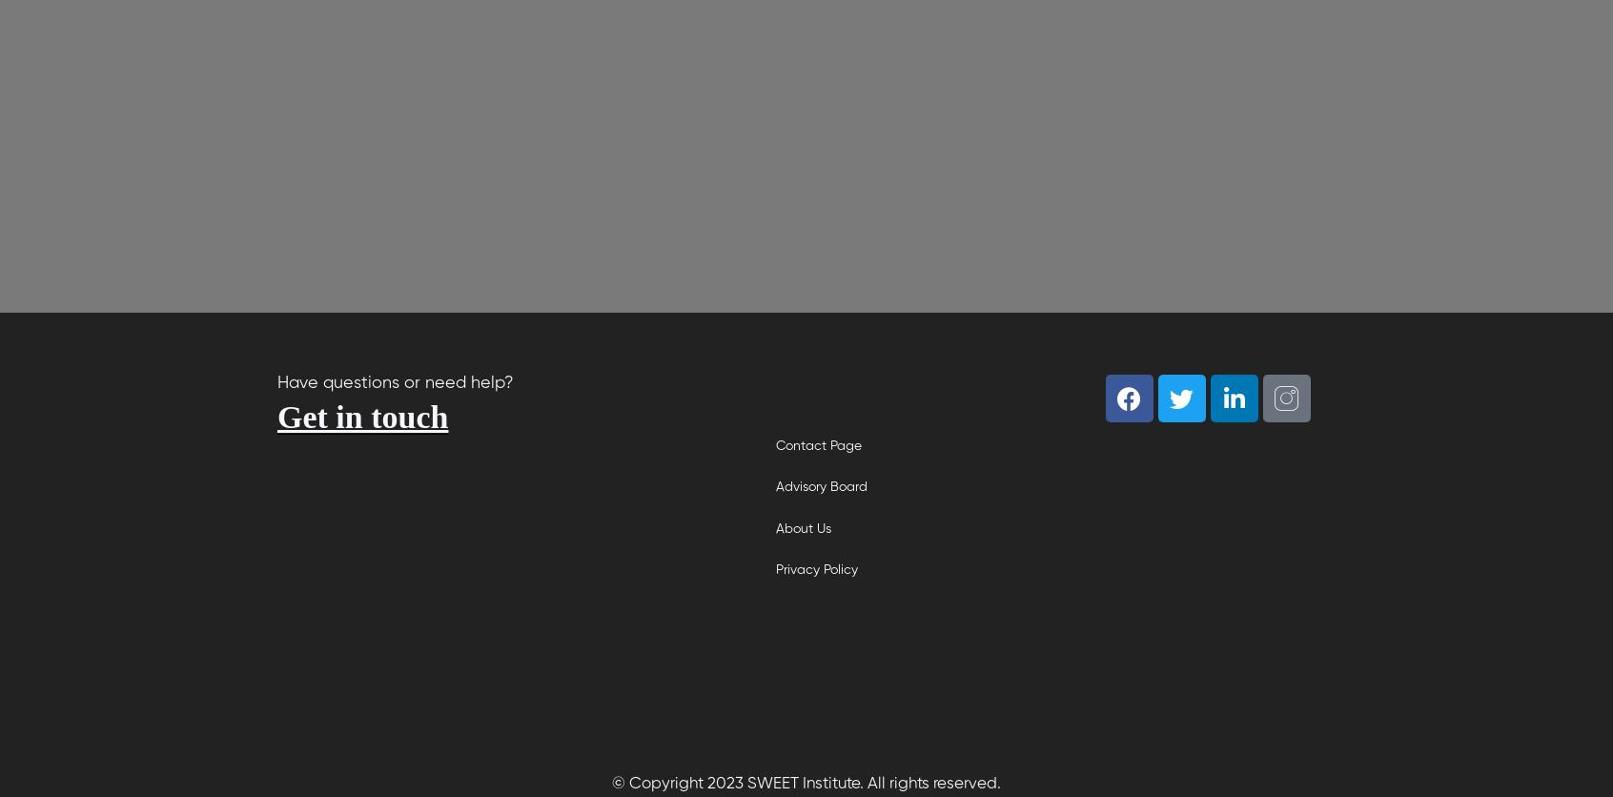 The width and height of the screenshot is (1613, 797). I want to click on 'Contact Page', so click(818, 445).